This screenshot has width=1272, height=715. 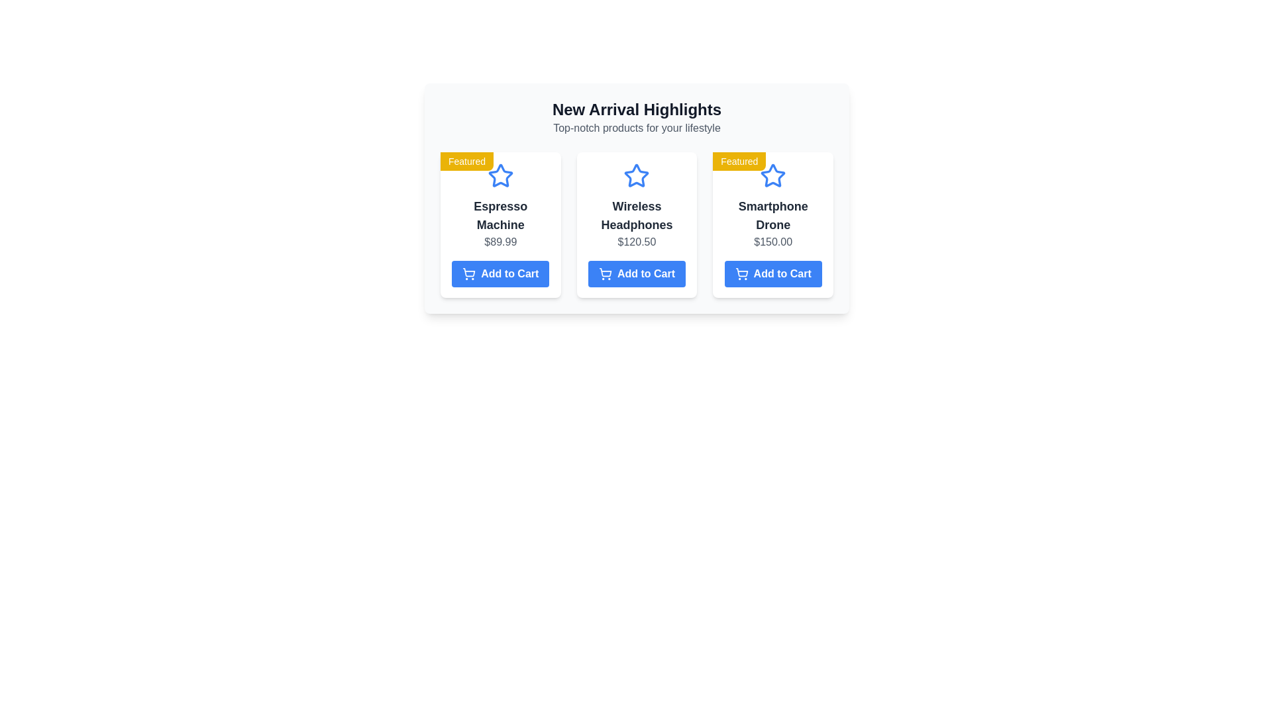 I want to click on the promotional icon for the 'Wireless Headphones' product, which is centrally located within its card in the 'New Arrival Highlights' section, so click(x=637, y=175).